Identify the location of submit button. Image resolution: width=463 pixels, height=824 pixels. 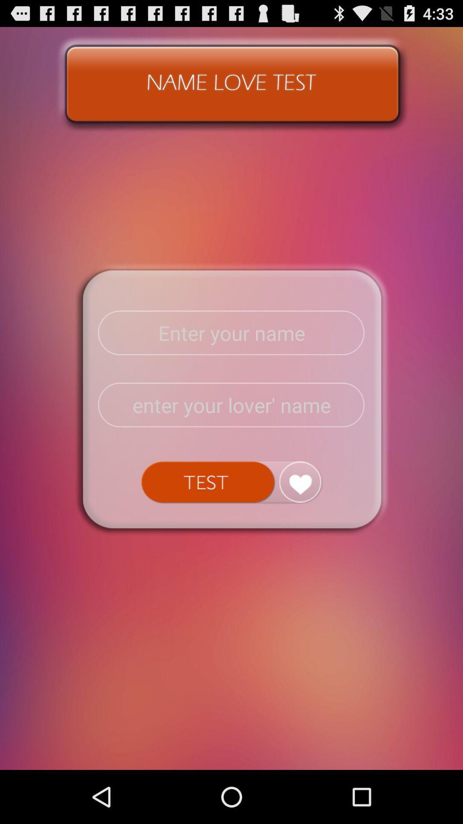
(231, 482).